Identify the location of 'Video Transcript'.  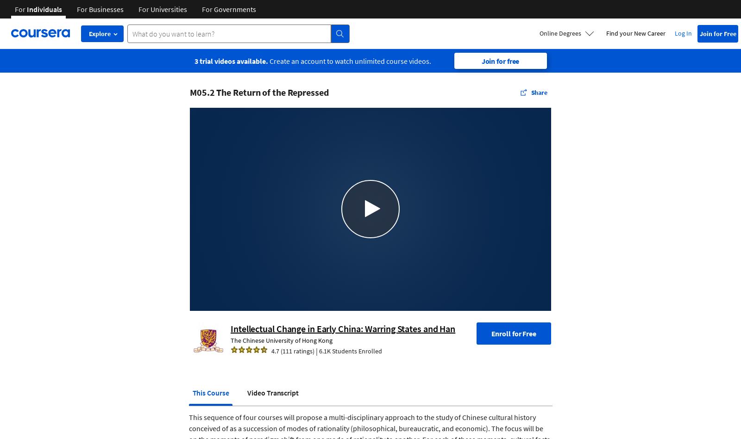
(272, 392).